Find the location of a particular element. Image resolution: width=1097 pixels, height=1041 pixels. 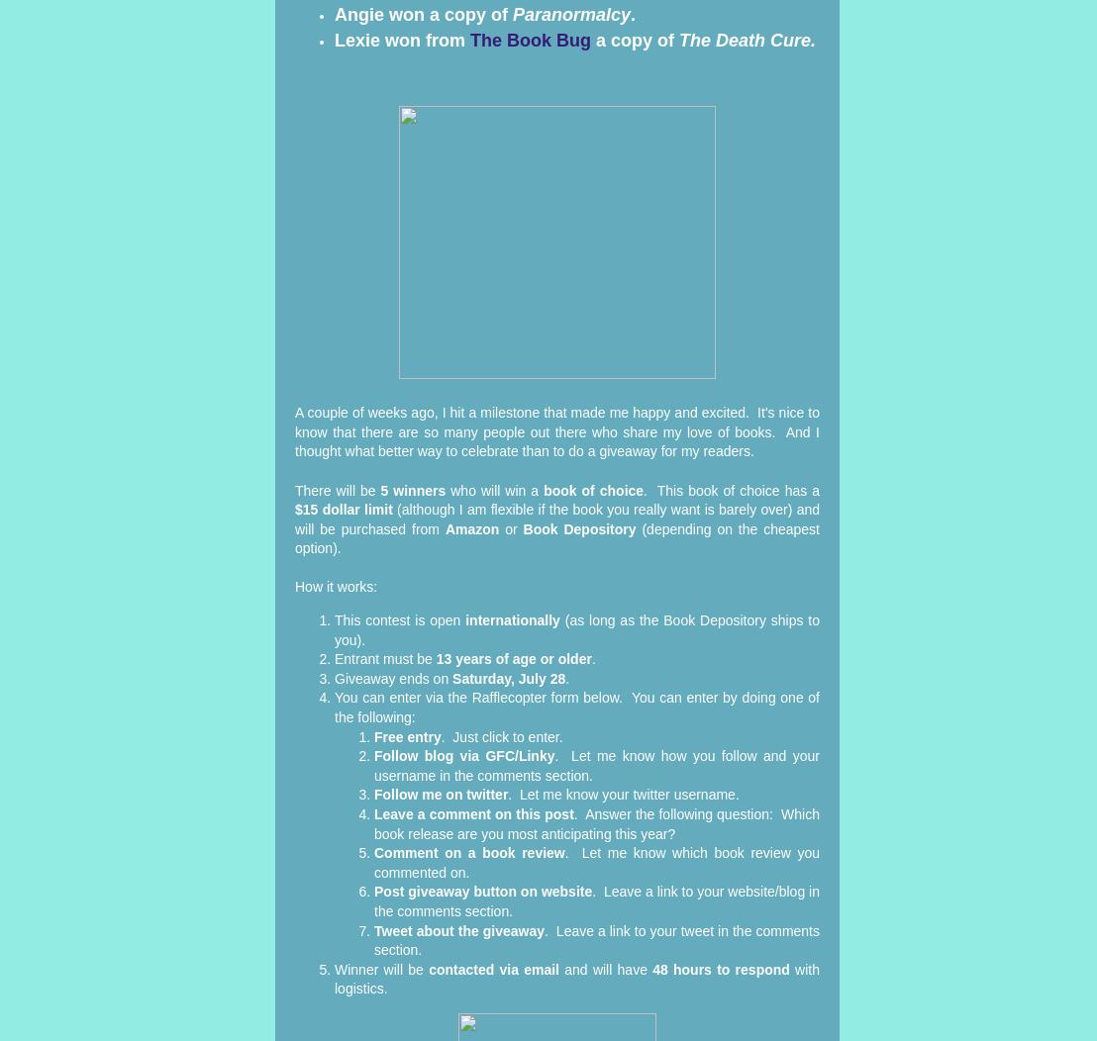

'Comment on a book review' is located at coordinates (469, 852).